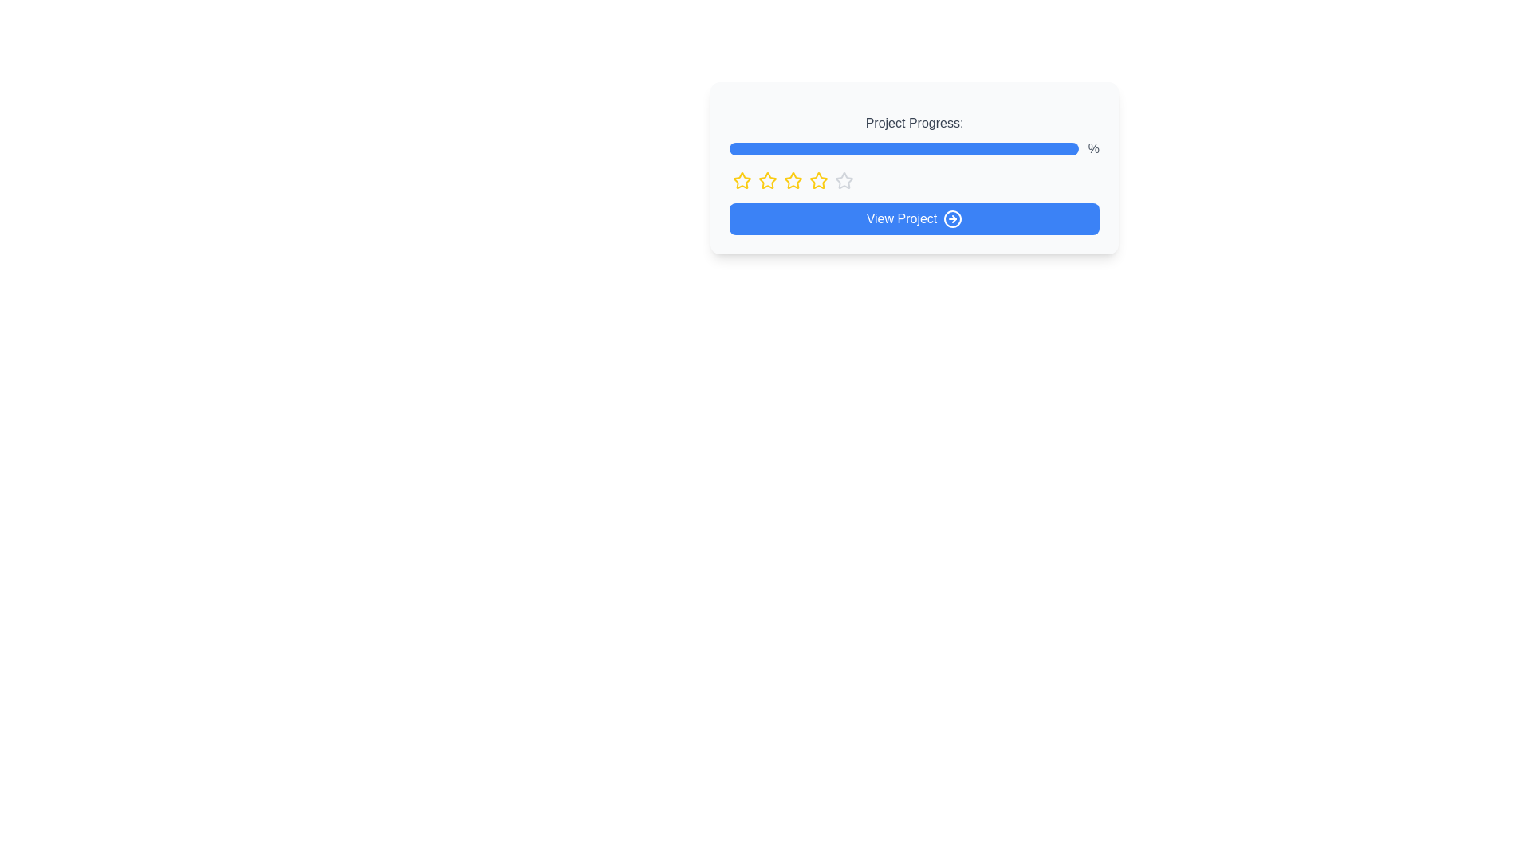 This screenshot has width=1531, height=861. Describe the element at coordinates (1092, 148) in the screenshot. I see `the gray percentage sign ('%') located at the right end of the horizontal progress bar` at that location.